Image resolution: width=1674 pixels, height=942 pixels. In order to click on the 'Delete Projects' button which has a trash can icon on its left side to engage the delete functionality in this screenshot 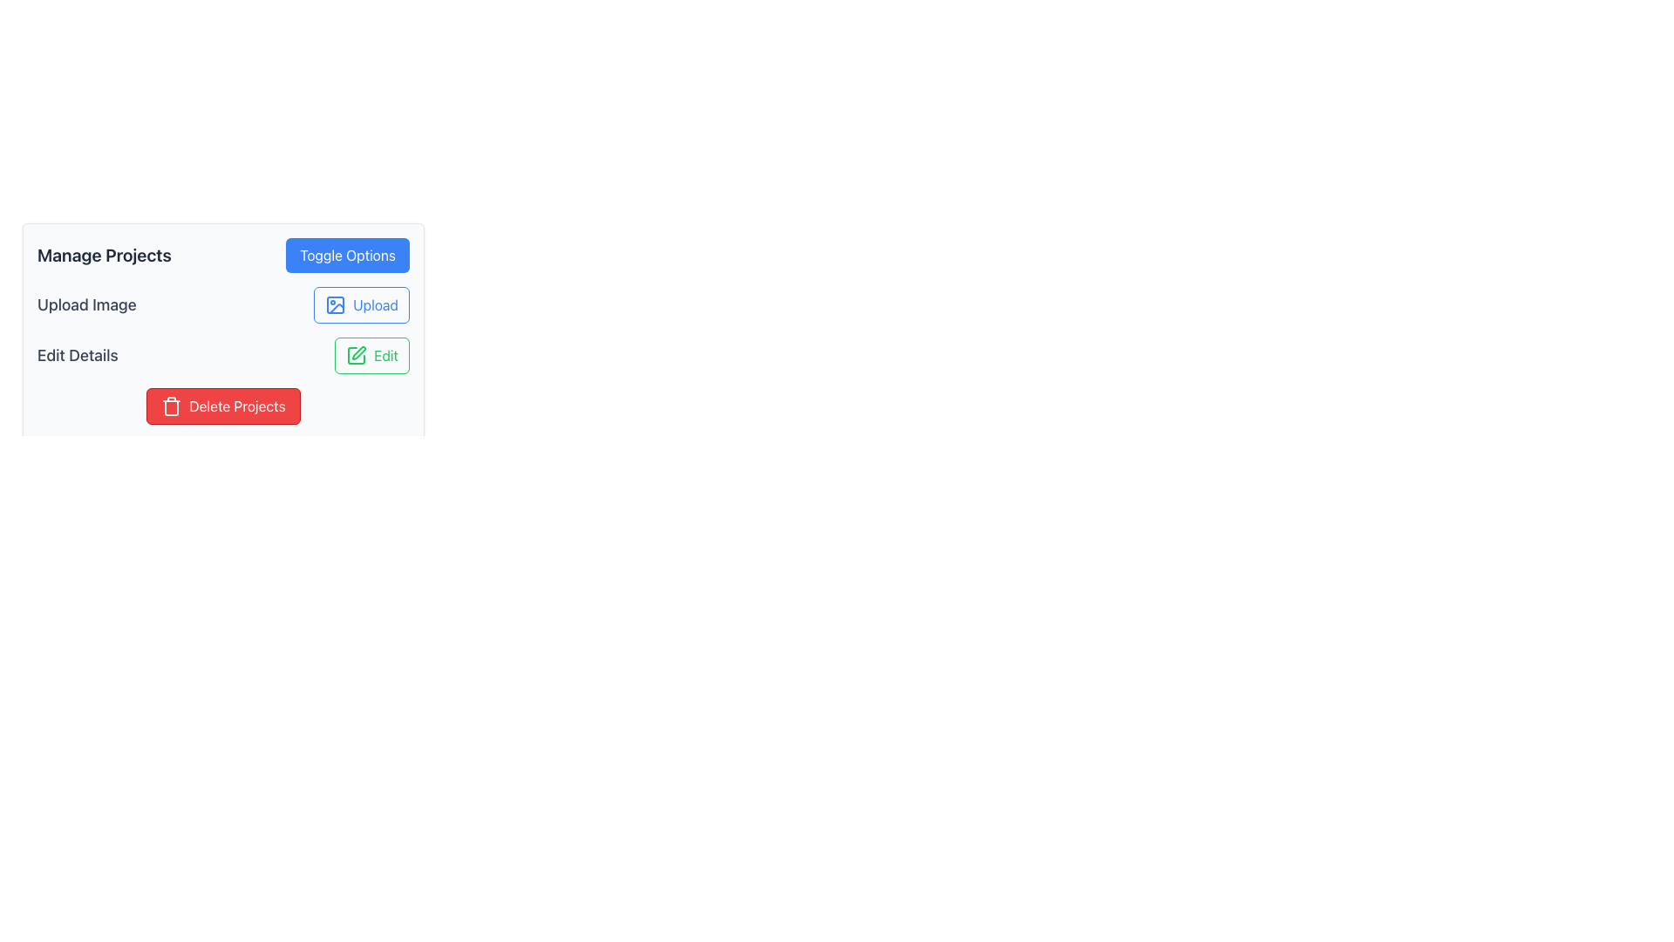, I will do `click(172, 406)`.